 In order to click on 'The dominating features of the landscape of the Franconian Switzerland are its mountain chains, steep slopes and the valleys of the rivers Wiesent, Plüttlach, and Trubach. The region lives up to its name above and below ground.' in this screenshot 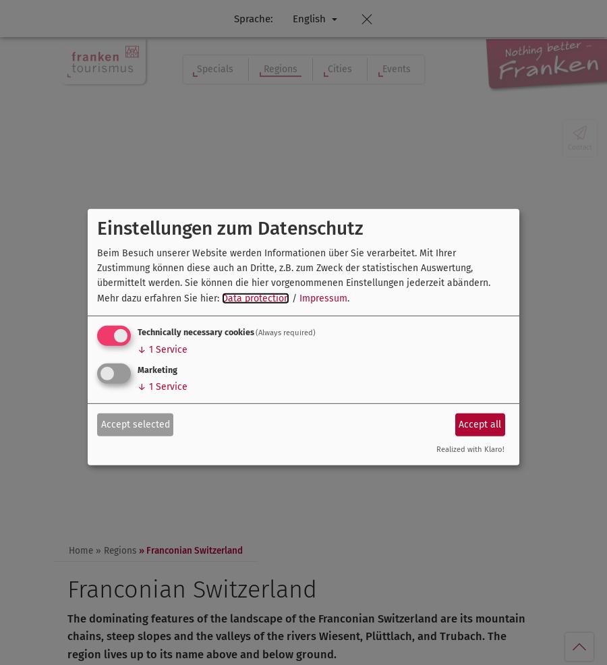, I will do `click(296, 636)`.